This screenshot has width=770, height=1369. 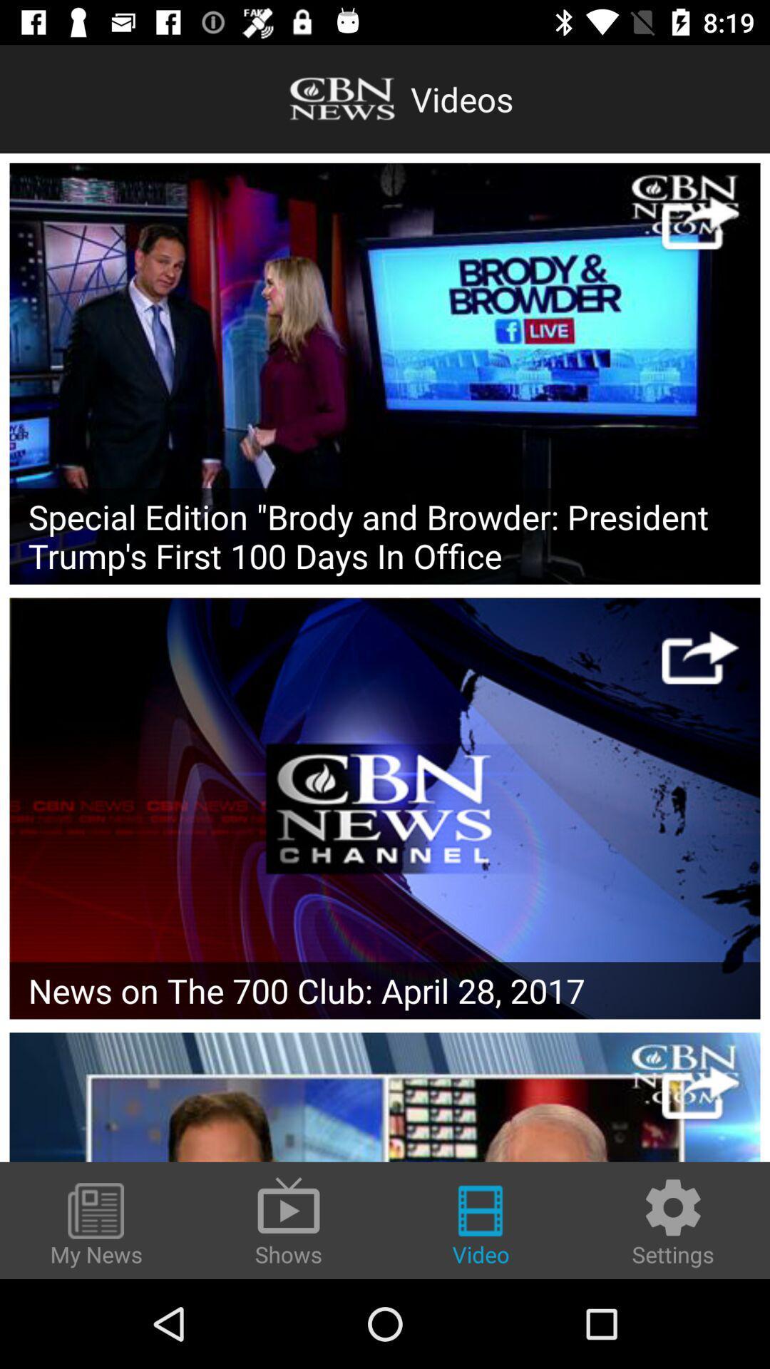 What do you see at coordinates (385, 374) in the screenshot?
I see `video` at bounding box center [385, 374].